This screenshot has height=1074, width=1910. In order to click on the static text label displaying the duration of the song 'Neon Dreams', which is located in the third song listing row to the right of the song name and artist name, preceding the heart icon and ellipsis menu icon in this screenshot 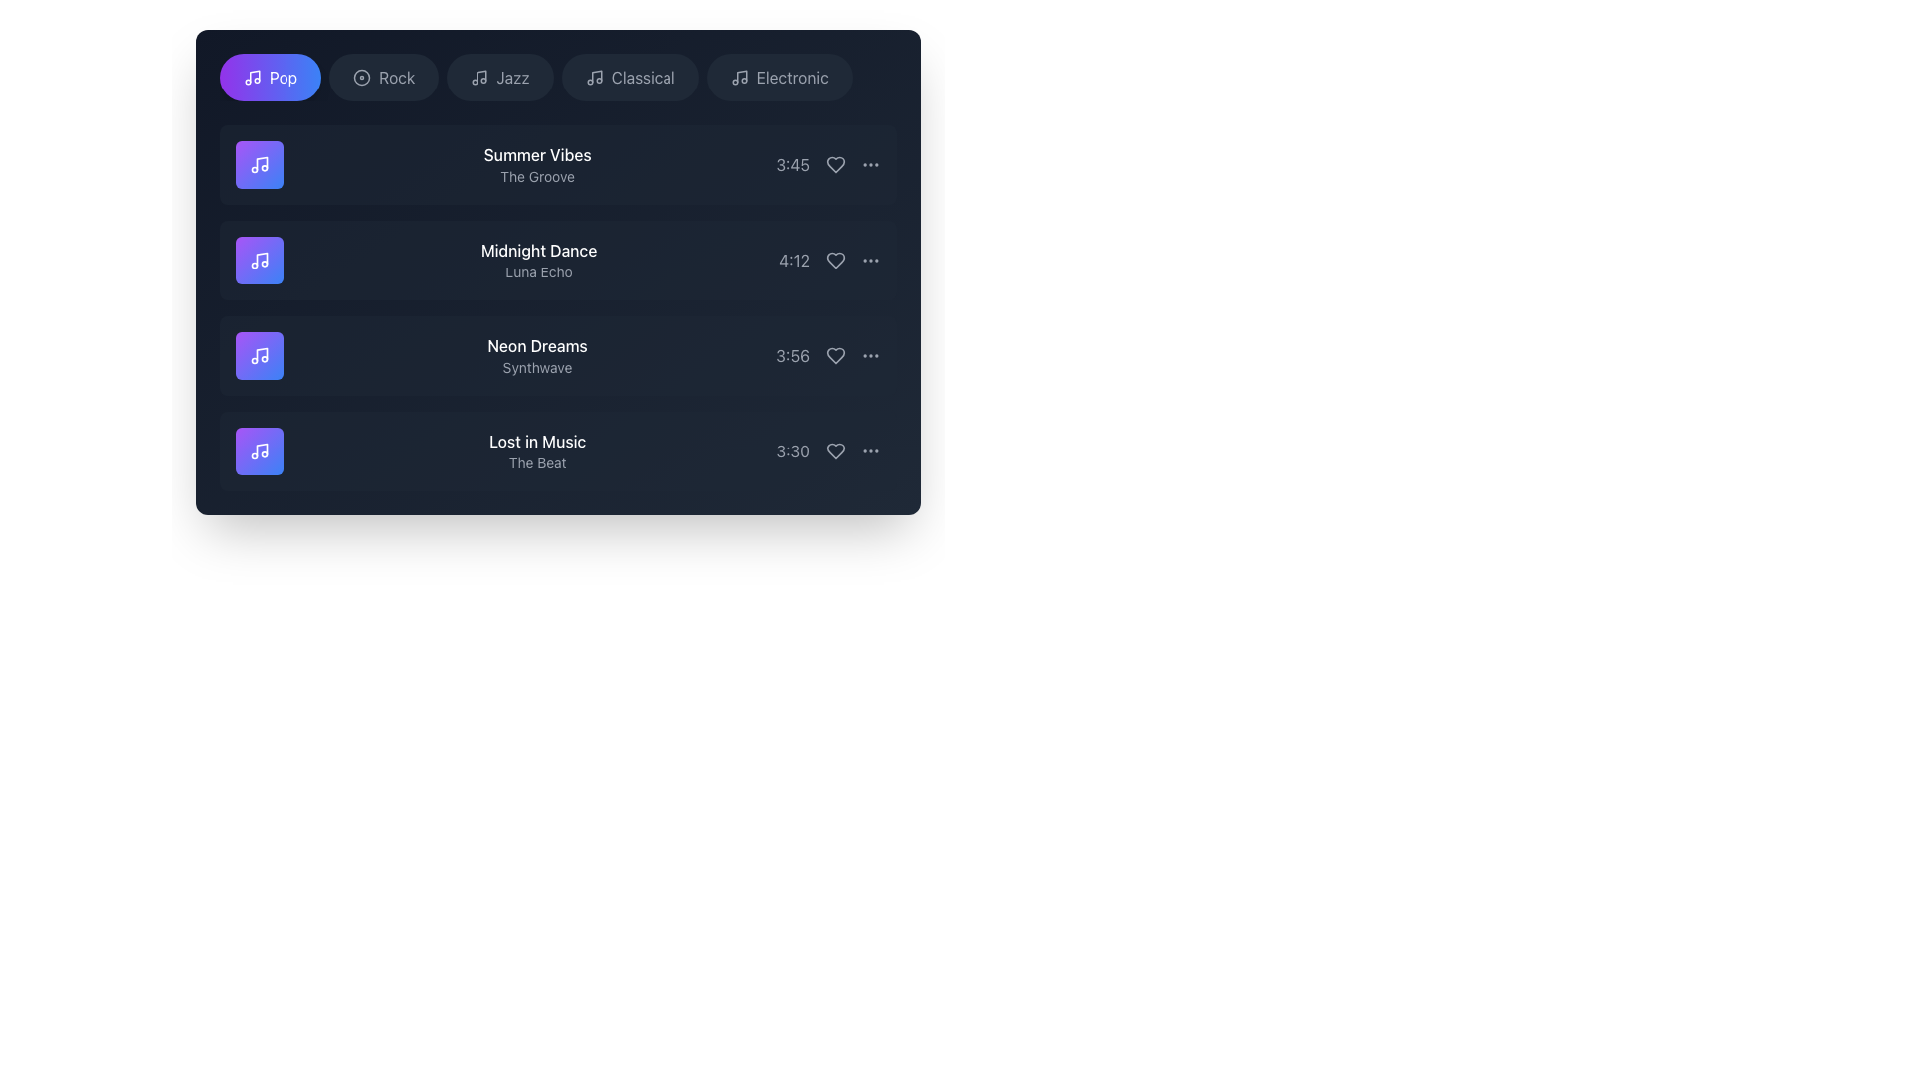, I will do `click(791, 355)`.